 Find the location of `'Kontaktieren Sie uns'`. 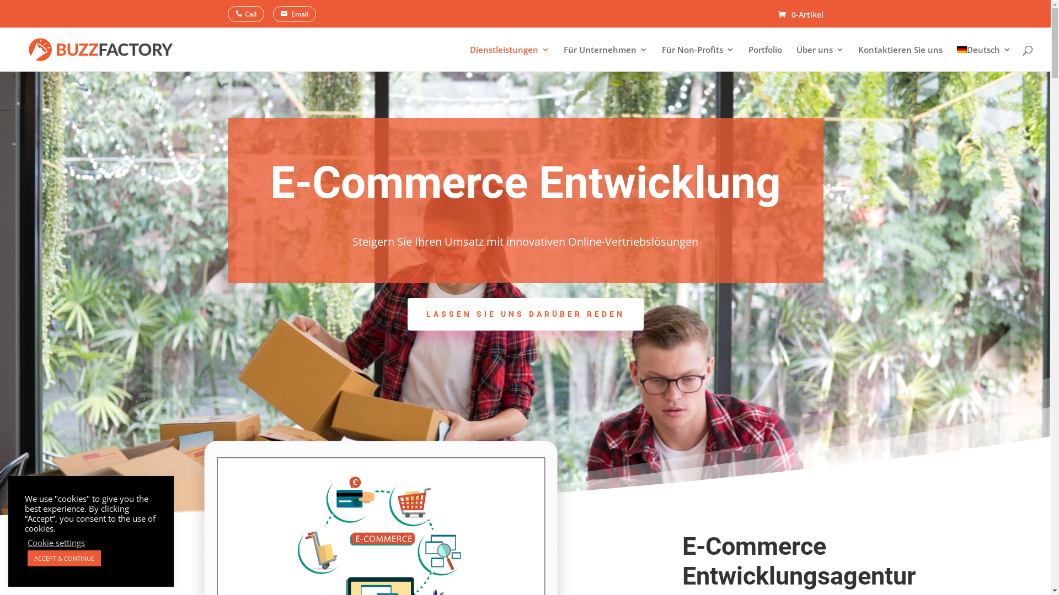

'Kontaktieren Sie uns' is located at coordinates (900, 58).